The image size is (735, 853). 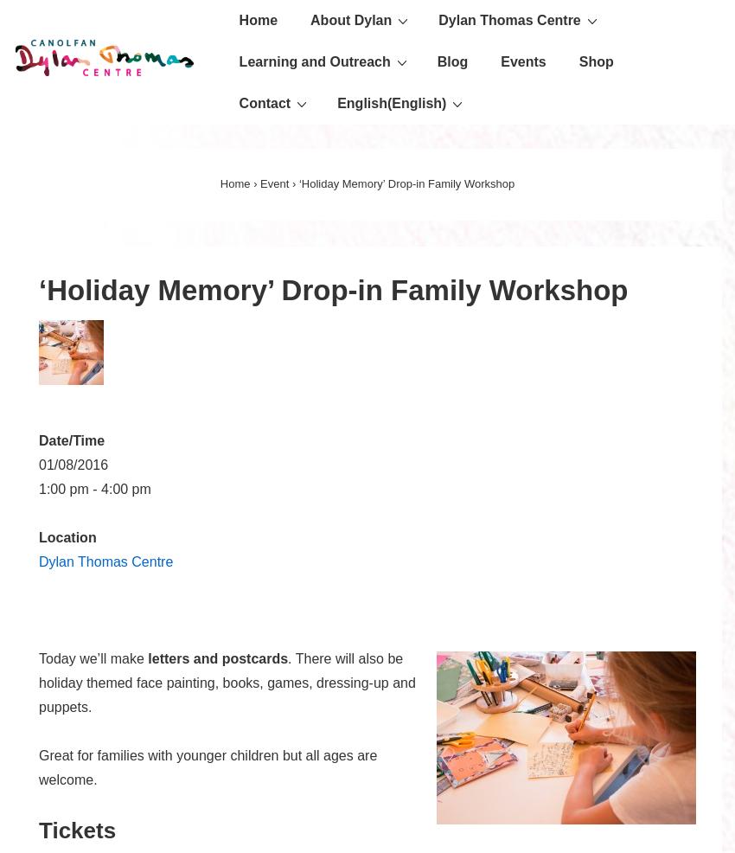 I want to click on 'Location', so click(x=67, y=537).